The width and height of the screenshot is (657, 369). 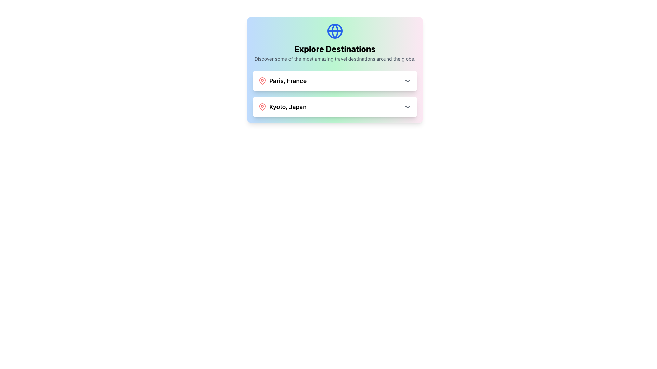 What do you see at coordinates (335, 48) in the screenshot?
I see `the text label that serves as a title for exploring destinations, positioned below a globe icon and above a descriptive text block` at bounding box center [335, 48].